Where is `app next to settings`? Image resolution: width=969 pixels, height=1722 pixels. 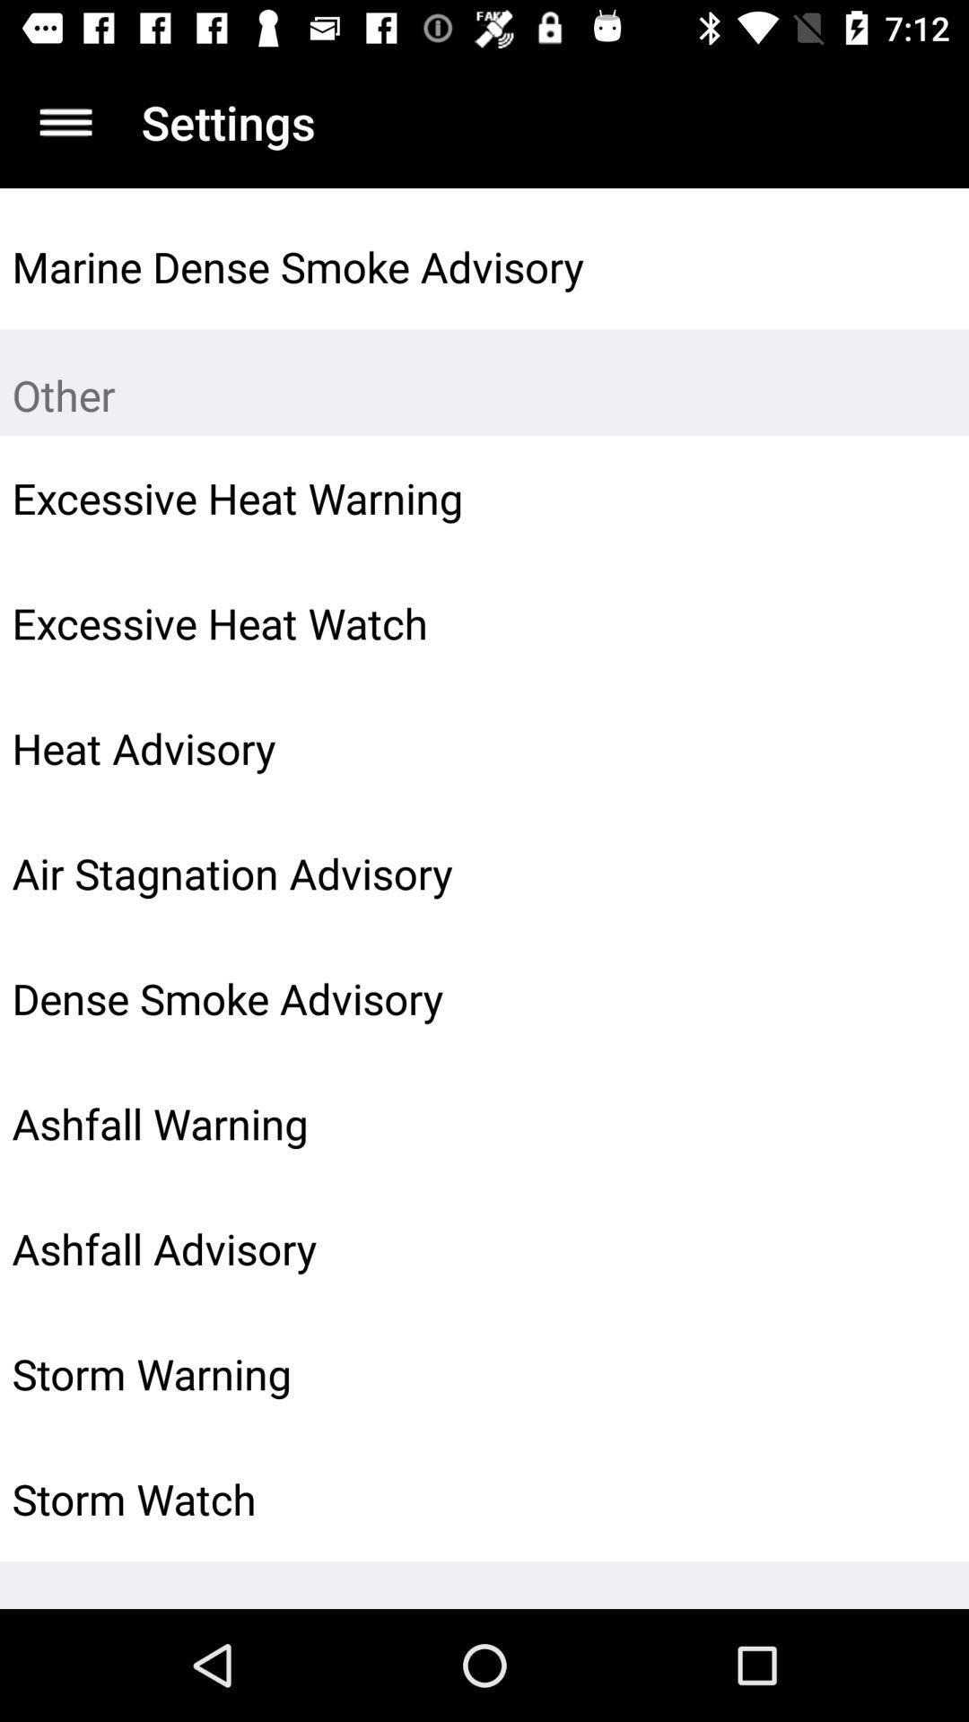 app next to settings is located at coordinates (65, 121).